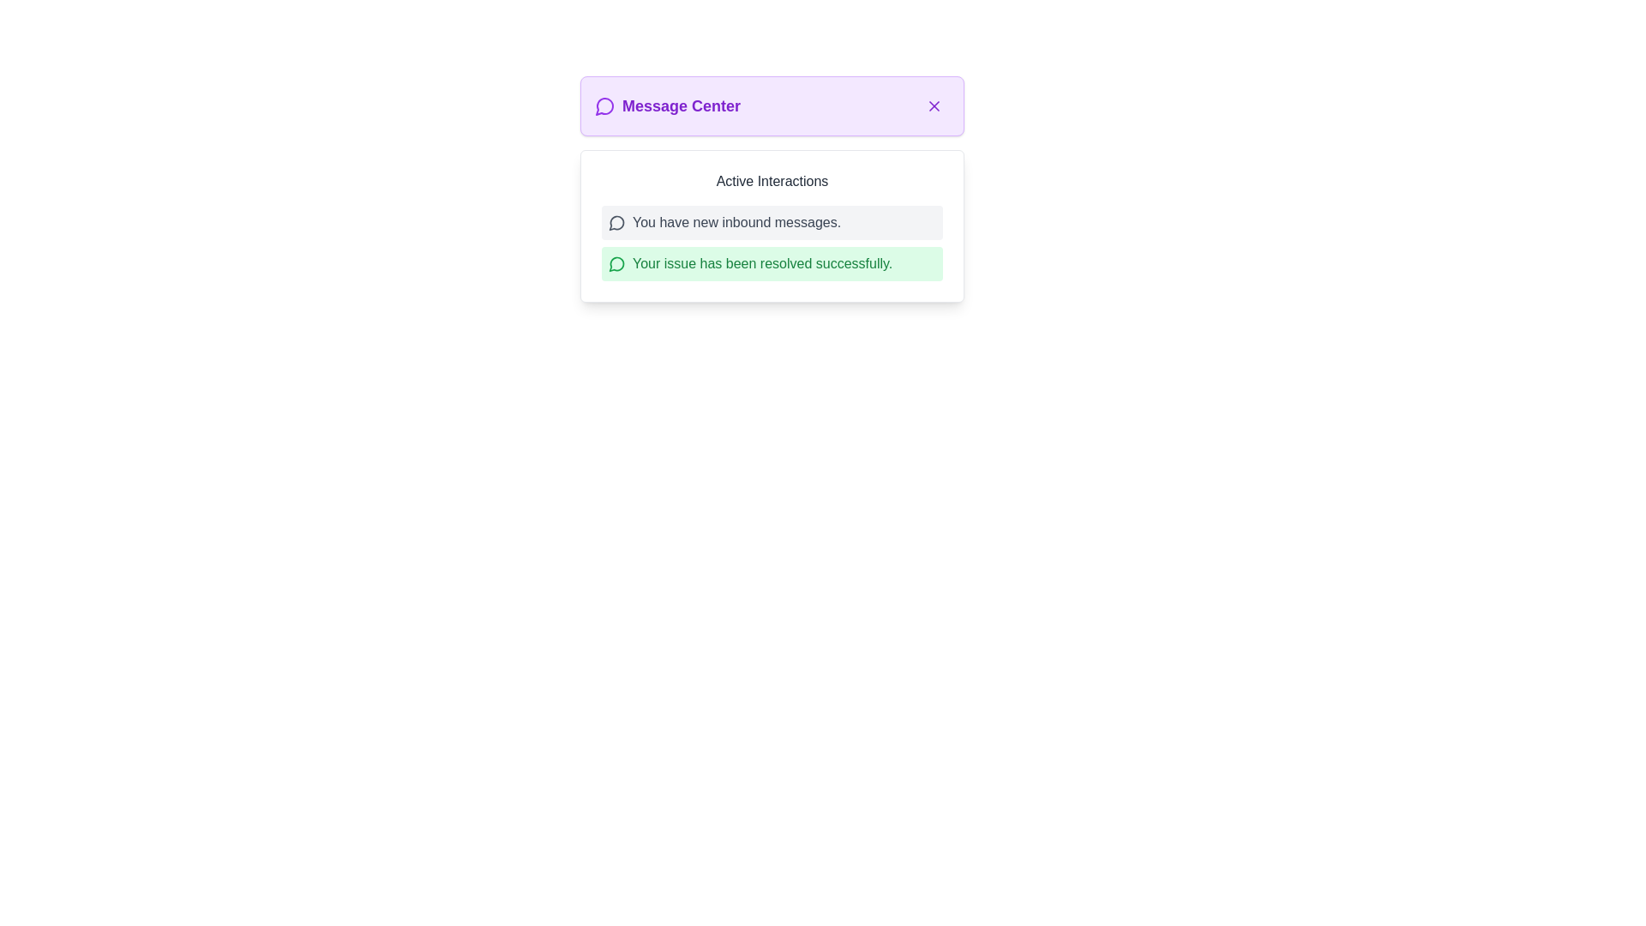  I want to click on the green speech bubble icon located on the left side of the notification message 'Your issue has been resolved successfully.' in the Active Interactions section, so click(617, 264).